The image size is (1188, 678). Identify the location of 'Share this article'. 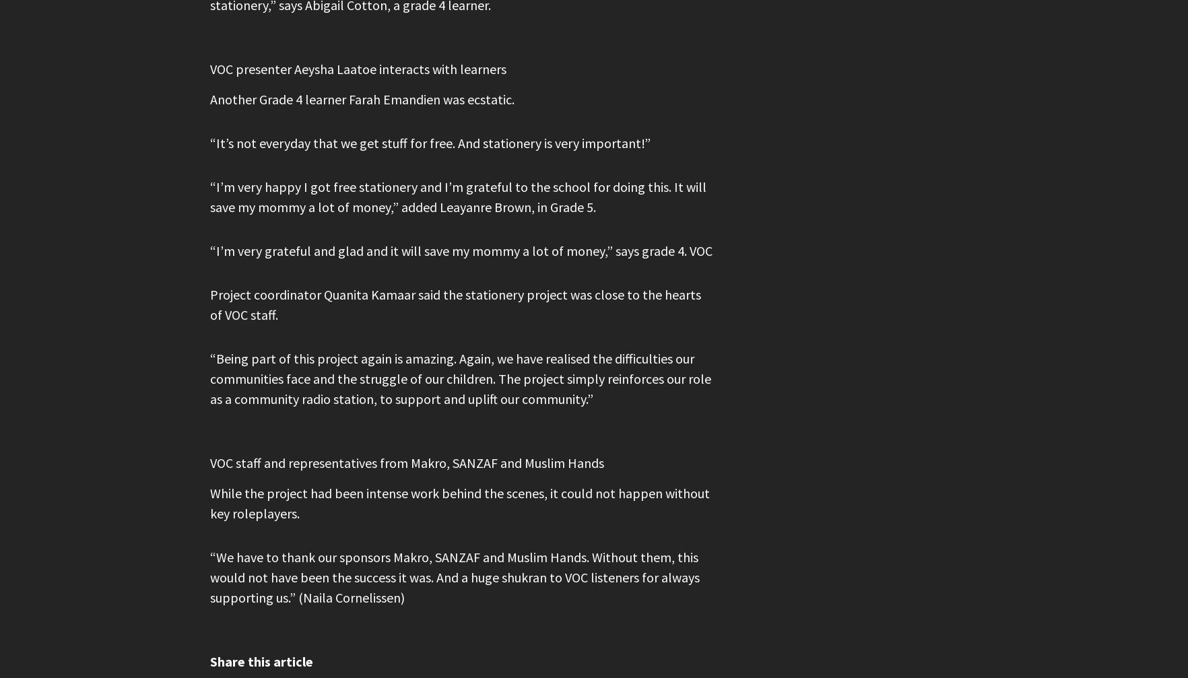
(261, 660).